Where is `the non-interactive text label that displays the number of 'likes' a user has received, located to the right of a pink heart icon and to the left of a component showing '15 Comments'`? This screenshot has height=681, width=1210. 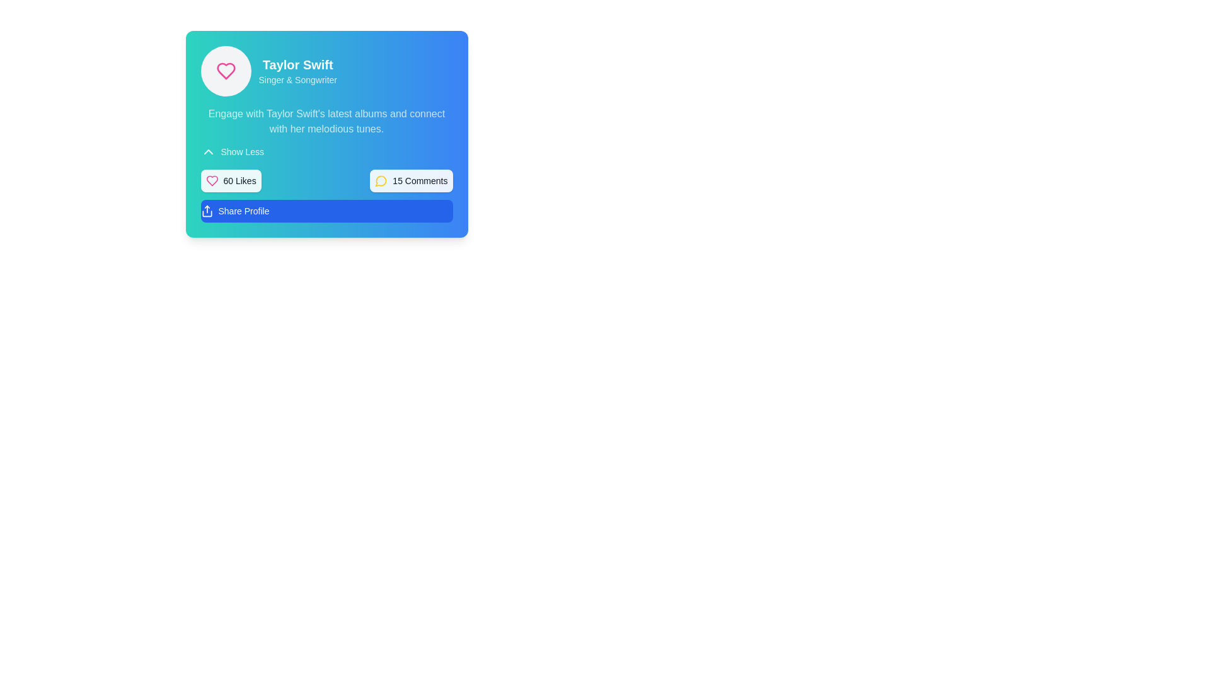
the non-interactive text label that displays the number of 'likes' a user has received, located to the right of a pink heart icon and to the left of a component showing '15 Comments' is located at coordinates (239, 180).